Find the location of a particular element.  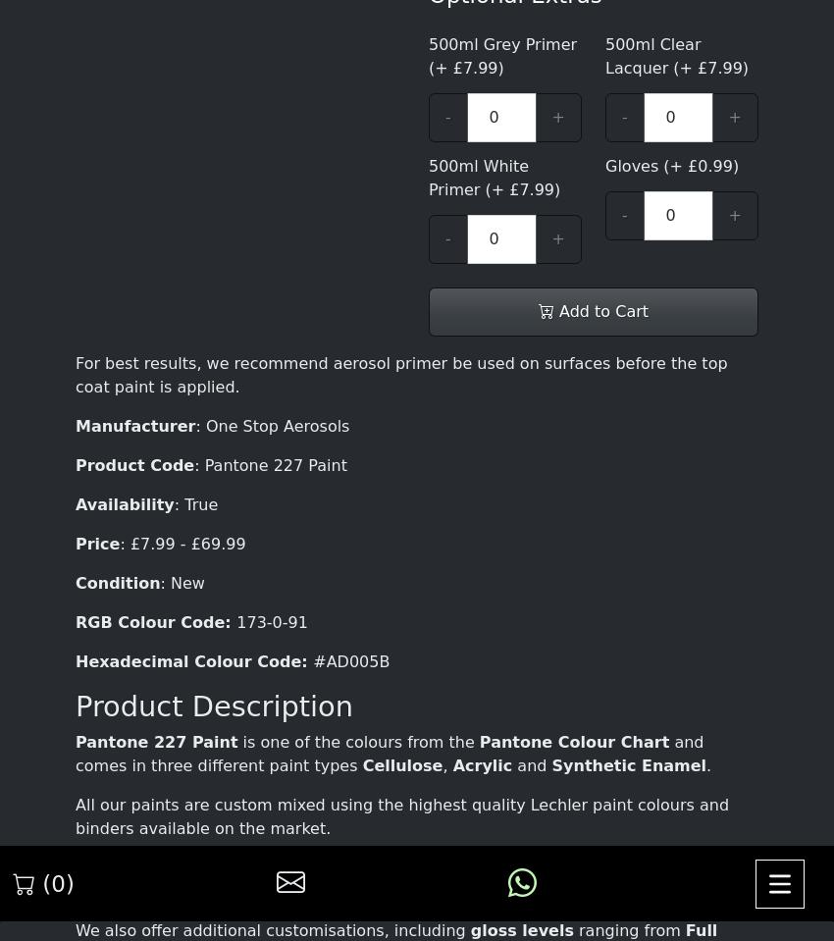

'Saturday : Closed' is located at coordinates (239, 793).